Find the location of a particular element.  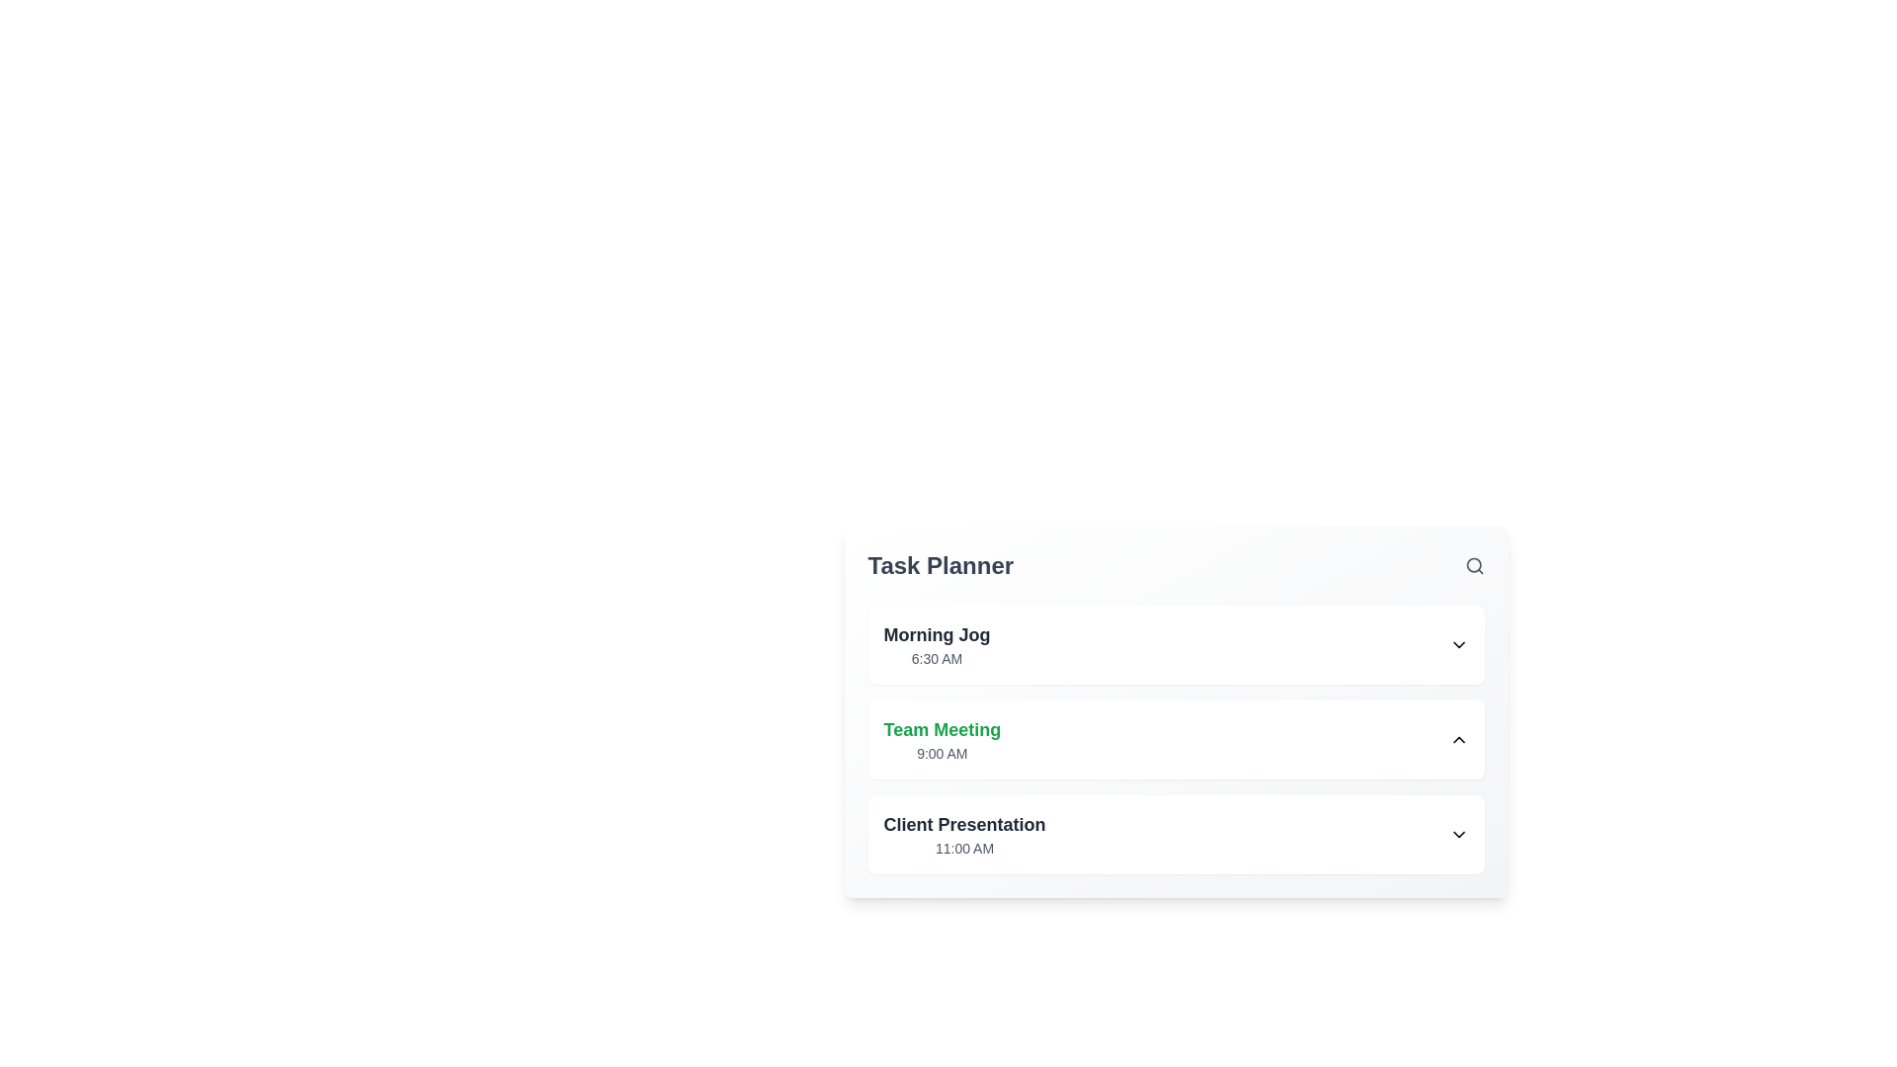

the magnifying glass icon located in the header of the 'Task Planner' section is located at coordinates (1474, 566).